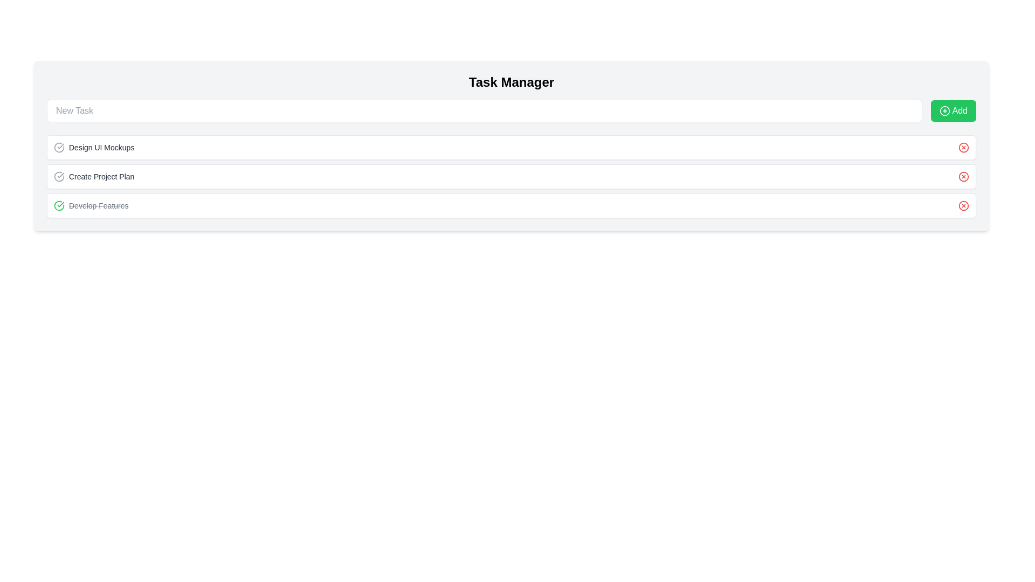 The width and height of the screenshot is (1035, 582). Describe the element at coordinates (94, 147) in the screenshot. I see `the 'Design UI Mockups' text label with icon` at that location.